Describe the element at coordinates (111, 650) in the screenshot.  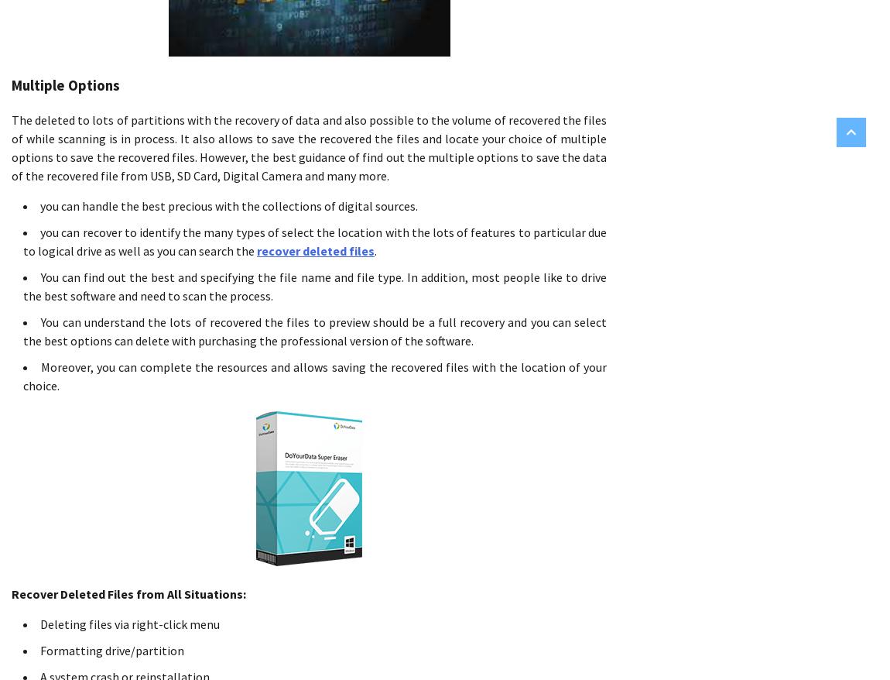
I see `'Formatting drive/partition'` at that location.